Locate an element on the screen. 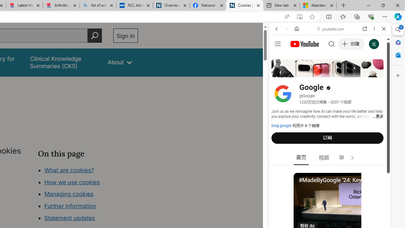  'Further information' is located at coordinates (70, 206).